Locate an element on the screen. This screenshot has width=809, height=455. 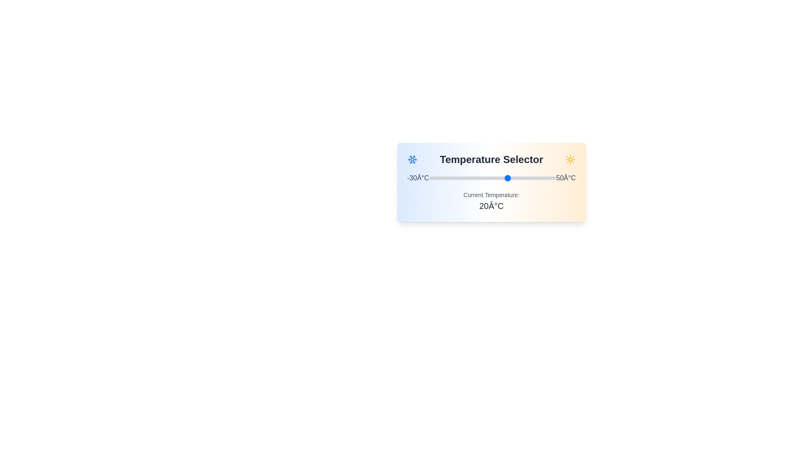
the temperature is located at coordinates (483, 178).